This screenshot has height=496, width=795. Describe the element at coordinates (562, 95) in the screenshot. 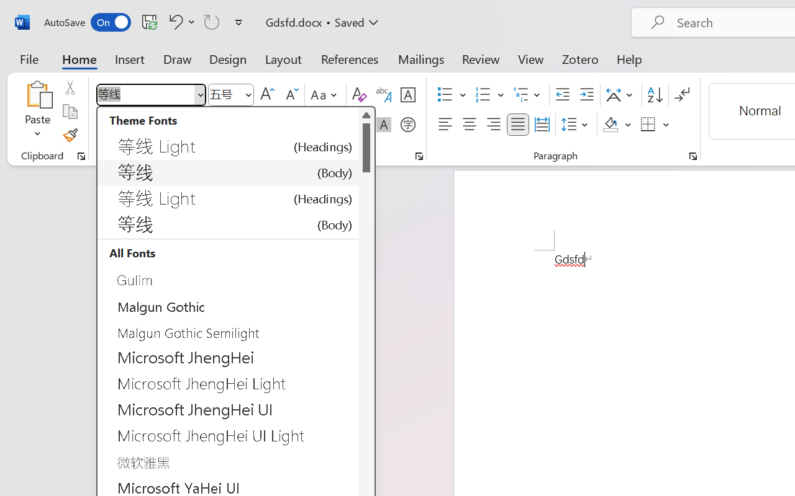

I see `'Decrease Indent'` at that location.